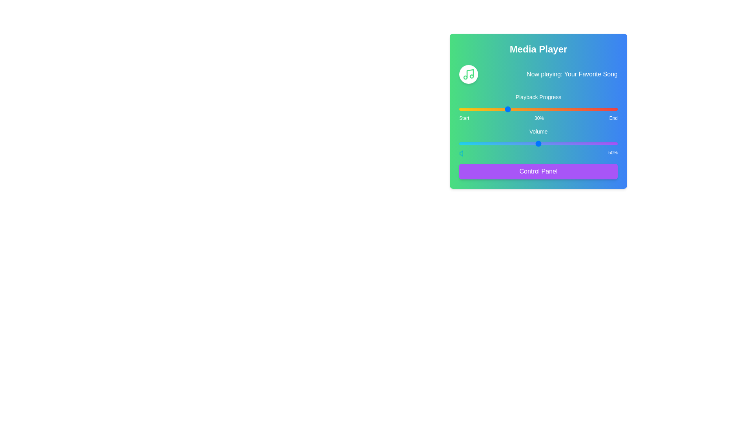 The width and height of the screenshot is (753, 423). Describe the element at coordinates (538, 109) in the screenshot. I see `the playback progress slider to reveal tooltip or visual change` at that location.